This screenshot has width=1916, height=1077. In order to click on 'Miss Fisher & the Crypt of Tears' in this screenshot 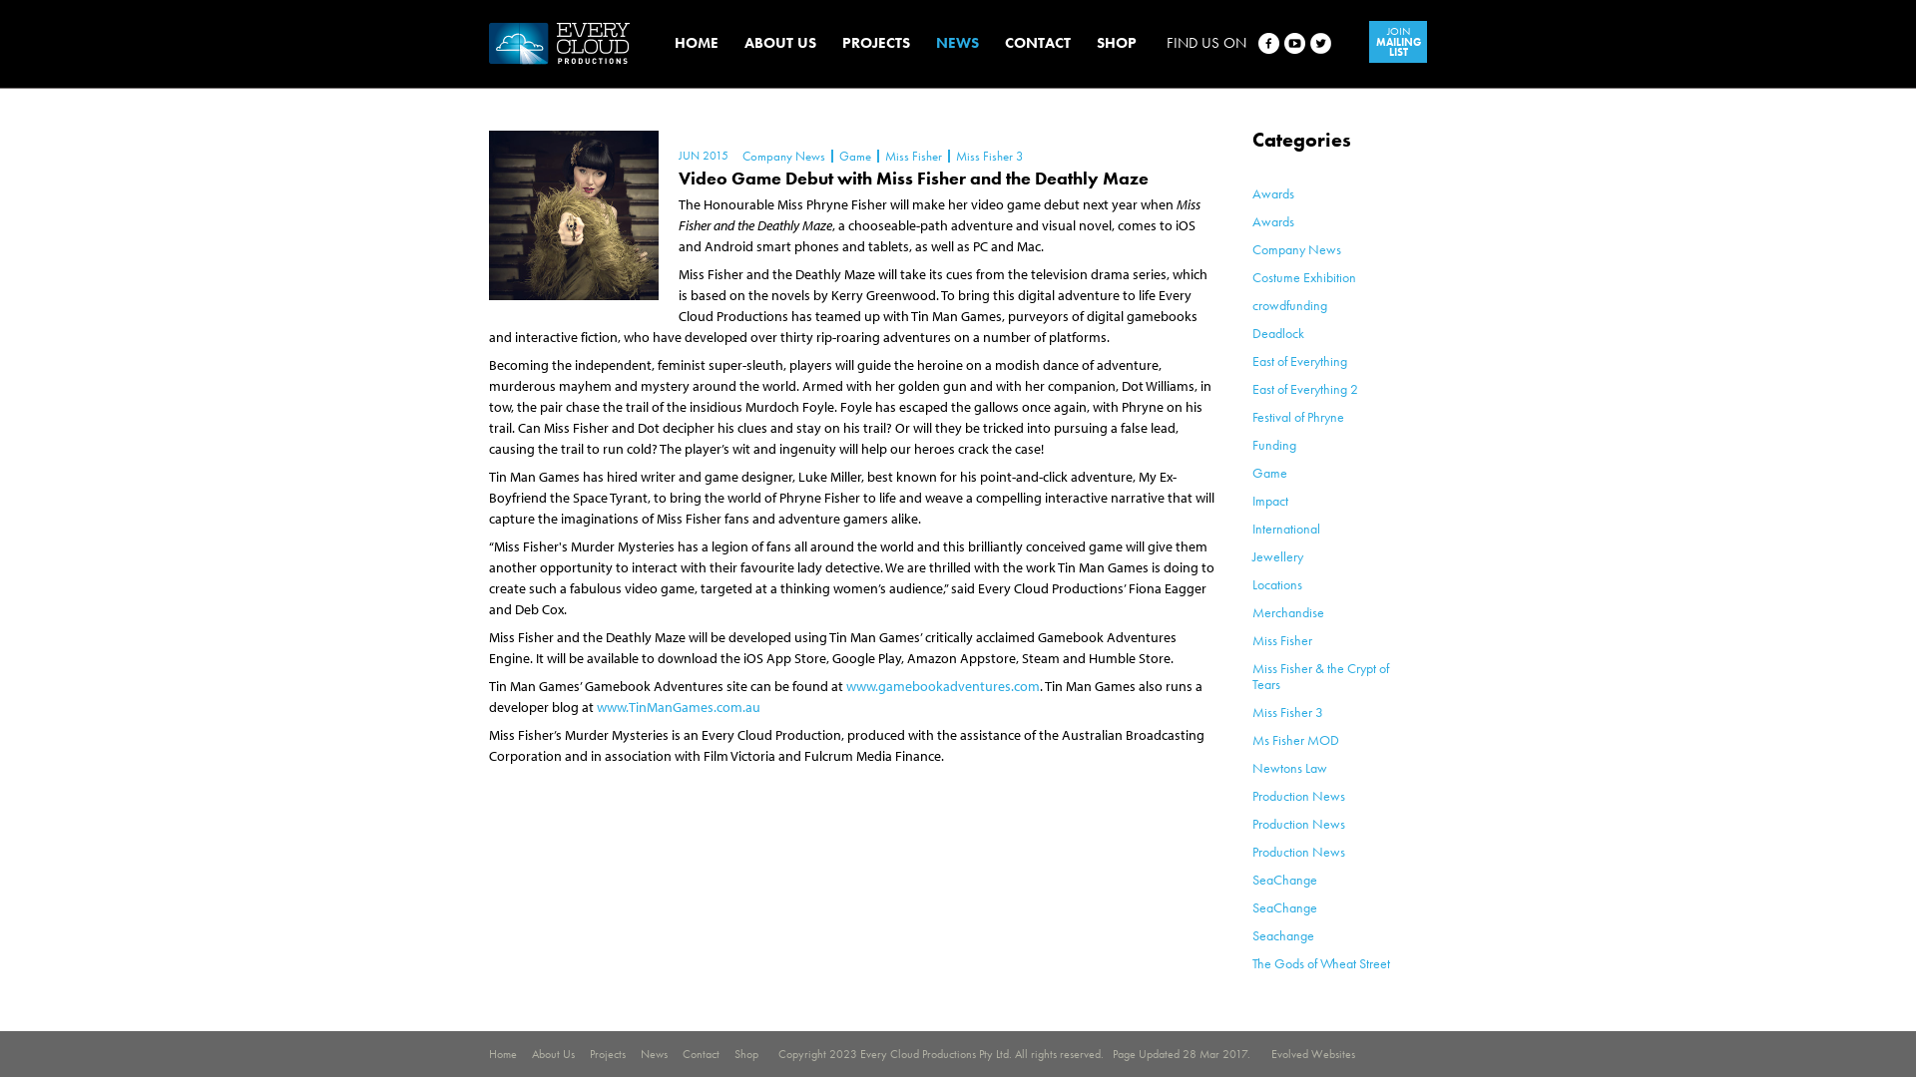, I will do `click(1320, 675)`.